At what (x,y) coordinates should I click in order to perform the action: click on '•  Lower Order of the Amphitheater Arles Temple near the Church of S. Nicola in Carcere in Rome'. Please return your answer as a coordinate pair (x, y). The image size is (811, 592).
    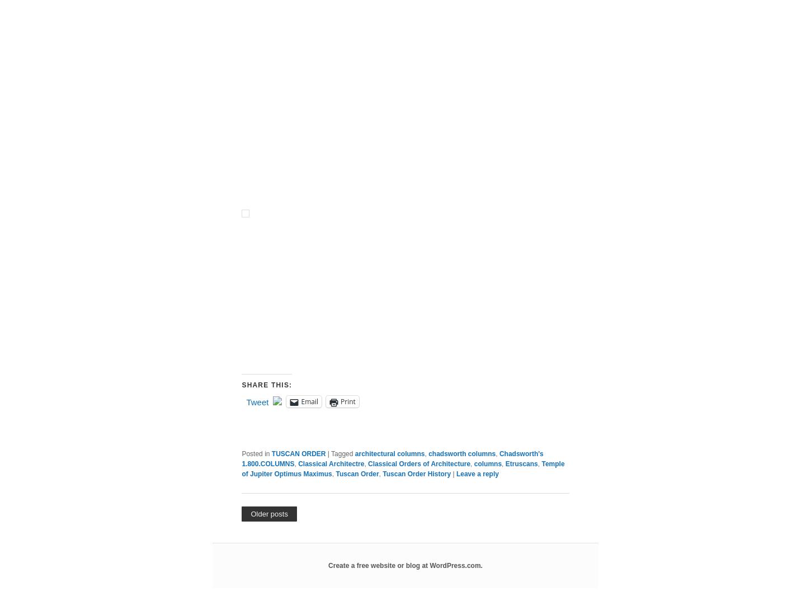
    Looking at the image, I should click on (389, 430).